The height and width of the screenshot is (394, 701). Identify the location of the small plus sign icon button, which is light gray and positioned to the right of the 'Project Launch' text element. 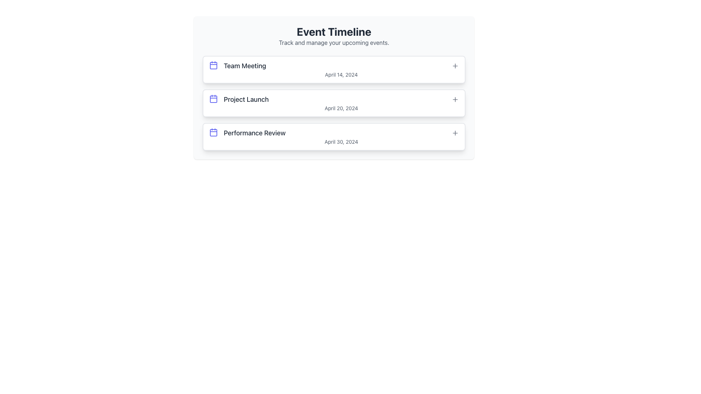
(455, 100).